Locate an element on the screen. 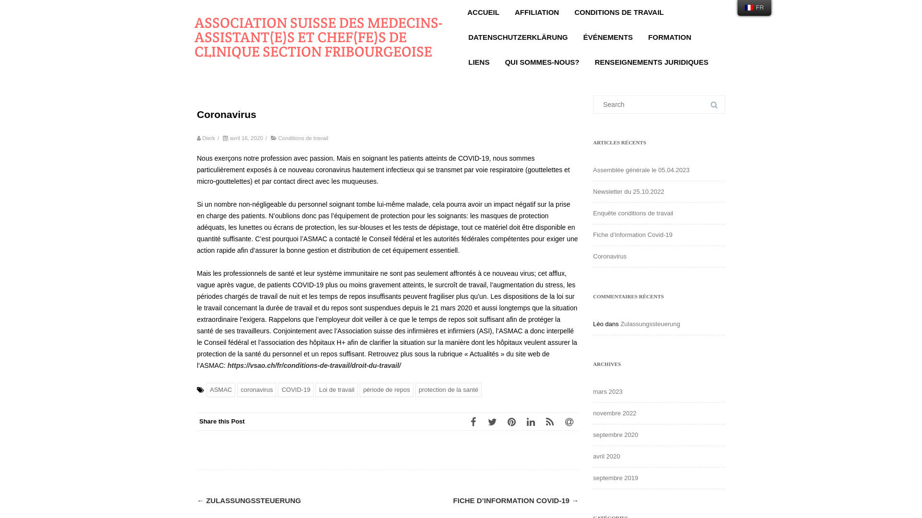 The width and height of the screenshot is (922, 518). 'RSS' is located at coordinates (550, 421).